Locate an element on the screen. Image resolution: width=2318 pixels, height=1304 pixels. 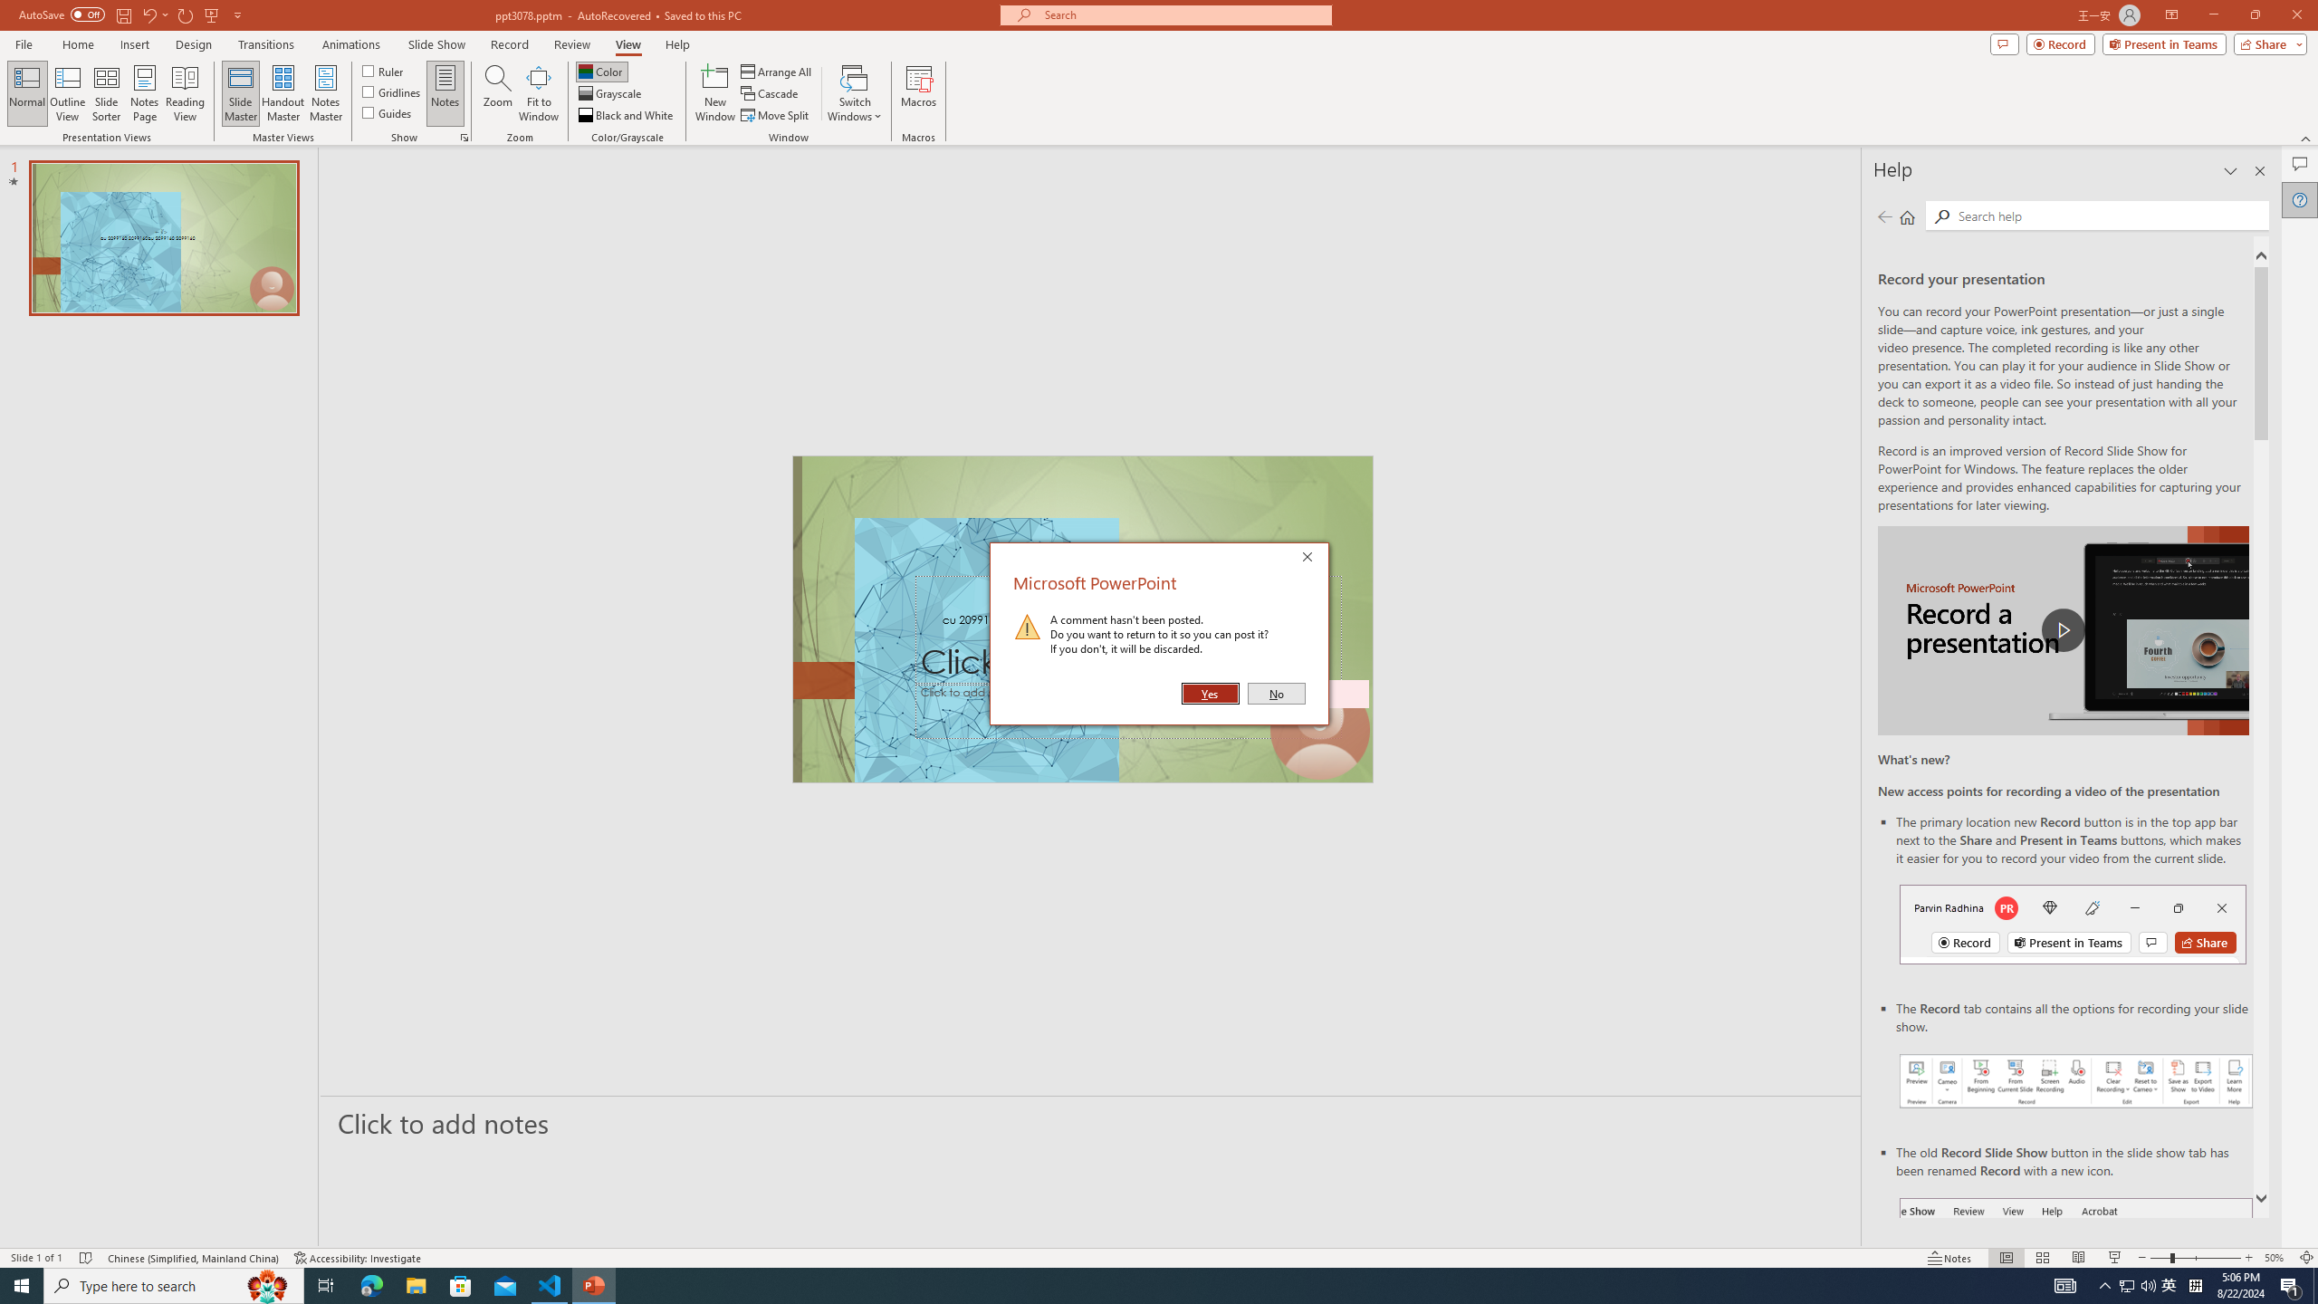
'Zoom 50%' is located at coordinates (2277, 1258).